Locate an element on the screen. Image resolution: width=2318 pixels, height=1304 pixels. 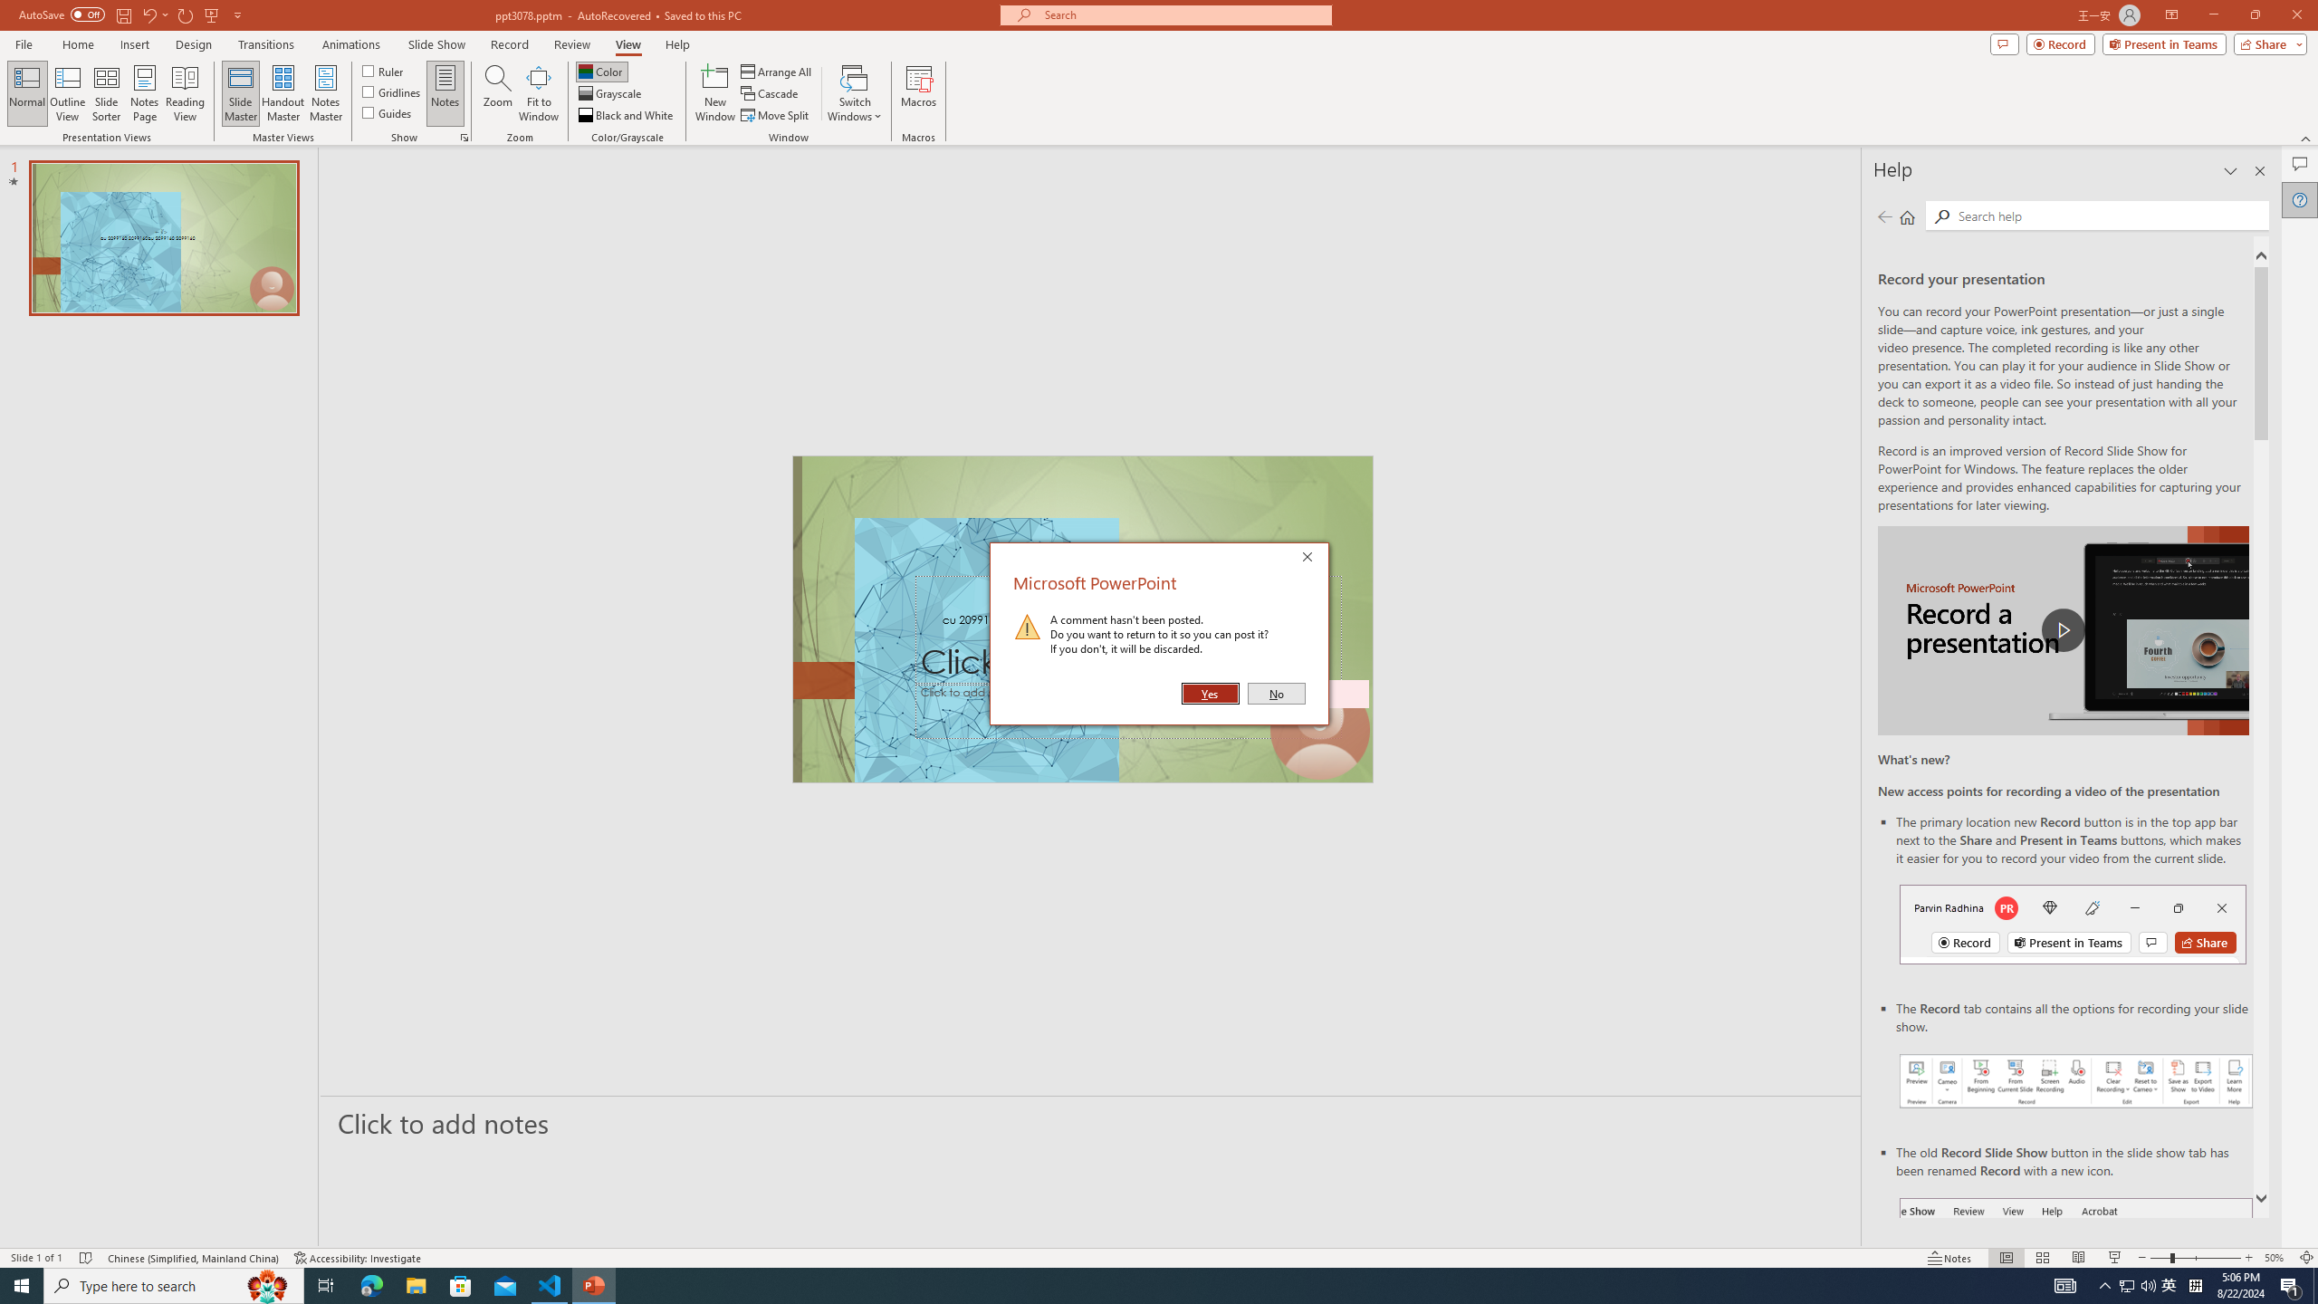
'Zoom 50%' is located at coordinates (2277, 1258).